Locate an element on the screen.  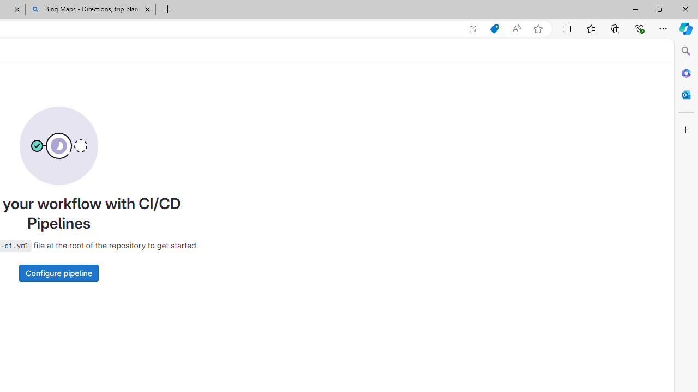
'Configure pipeline' is located at coordinates (58, 272).